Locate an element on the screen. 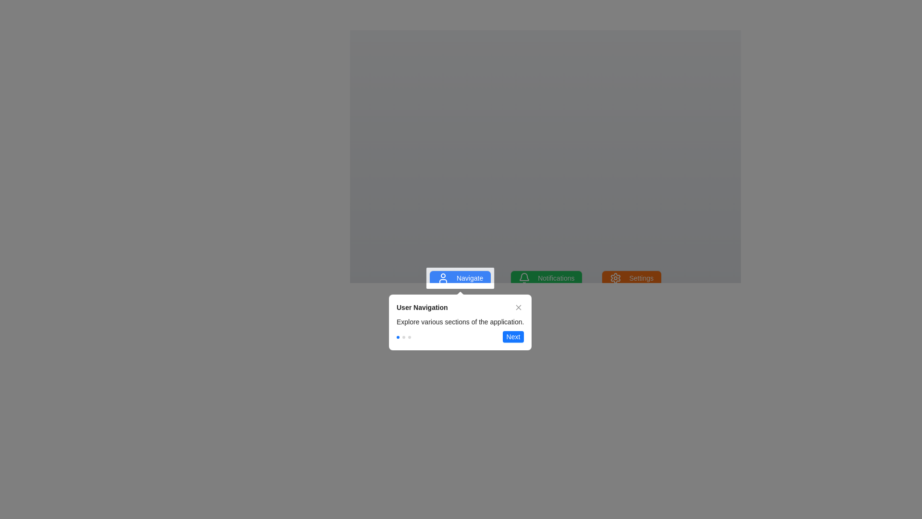 This screenshot has height=519, width=922. the bell icon with a green background located to the left of the 'Notifications' text in the application's top bar is located at coordinates (524, 278).